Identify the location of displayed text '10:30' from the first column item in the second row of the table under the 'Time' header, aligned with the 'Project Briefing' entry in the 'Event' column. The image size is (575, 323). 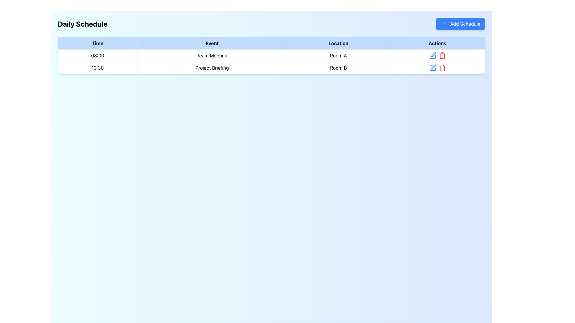
(98, 68).